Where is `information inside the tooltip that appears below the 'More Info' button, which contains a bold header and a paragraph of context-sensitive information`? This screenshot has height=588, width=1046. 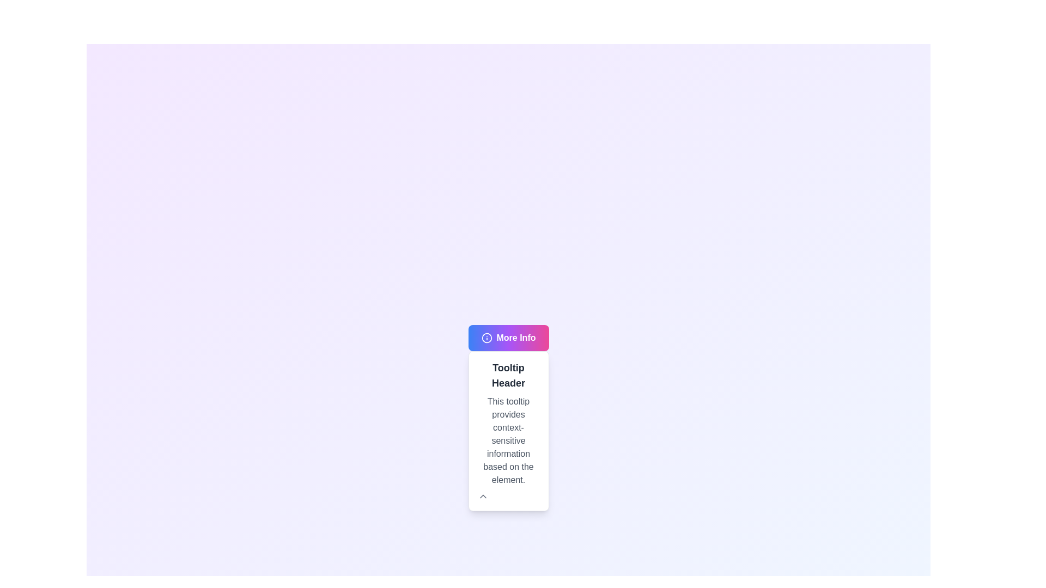 information inside the tooltip that appears below the 'More Info' button, which contains a bold header and a paragraph of context-sensitive information is located at coordinates (508, 430).